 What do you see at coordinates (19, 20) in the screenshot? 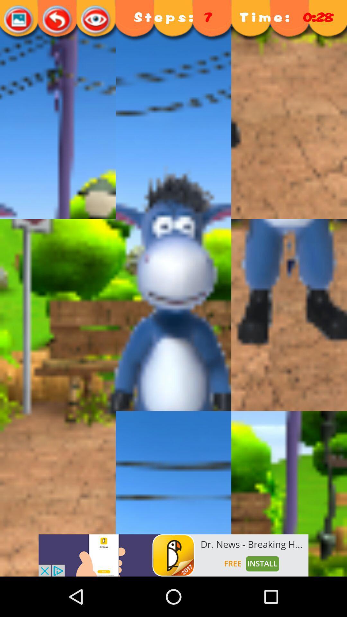
I see `the wallpaper icon` at bounding box center [19, 20].